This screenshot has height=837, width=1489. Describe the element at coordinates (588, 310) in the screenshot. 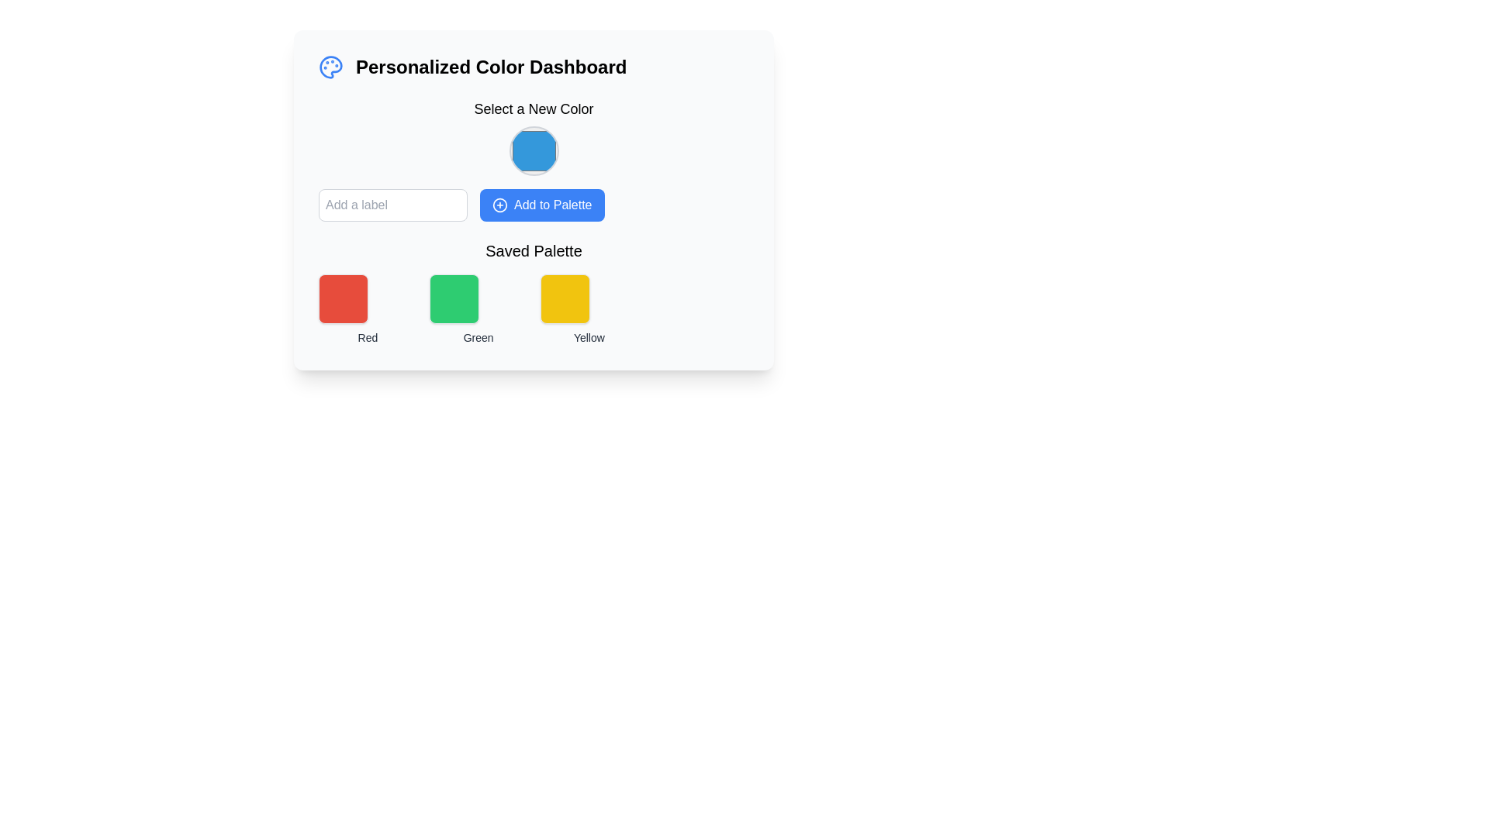

I see `to select the vibrant yellow color swatch labeled 'Yellow', which is the third item in the horizontal grid layout under the 'Saved Palette' title` at that location.